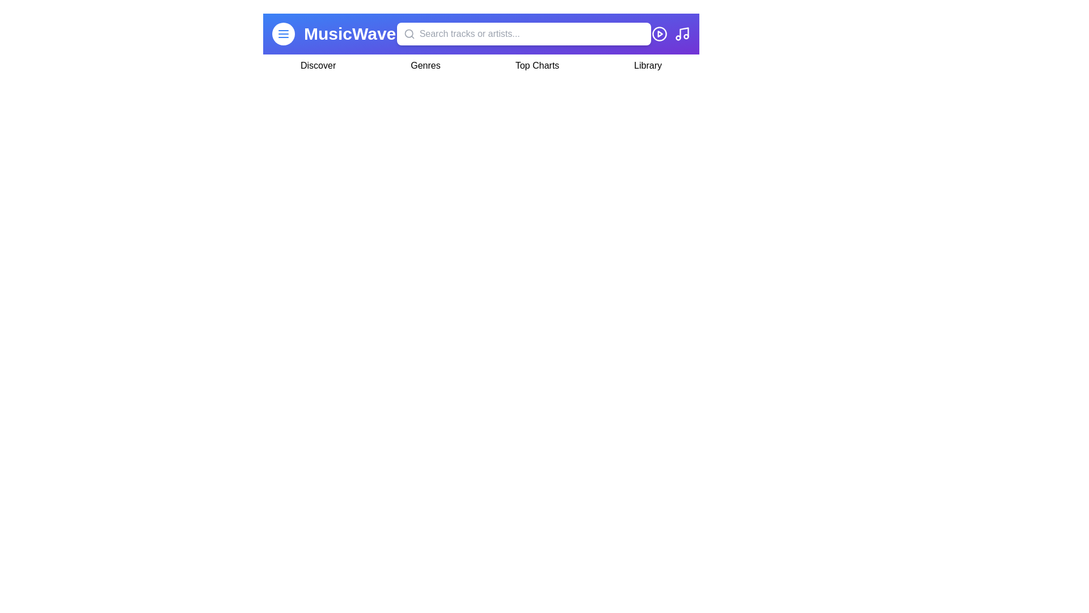  What do you see at coordinates (659, 33) in the screenshot?
I see `the 'Play' icon to initiate playback` at bounding box center [659, 33].